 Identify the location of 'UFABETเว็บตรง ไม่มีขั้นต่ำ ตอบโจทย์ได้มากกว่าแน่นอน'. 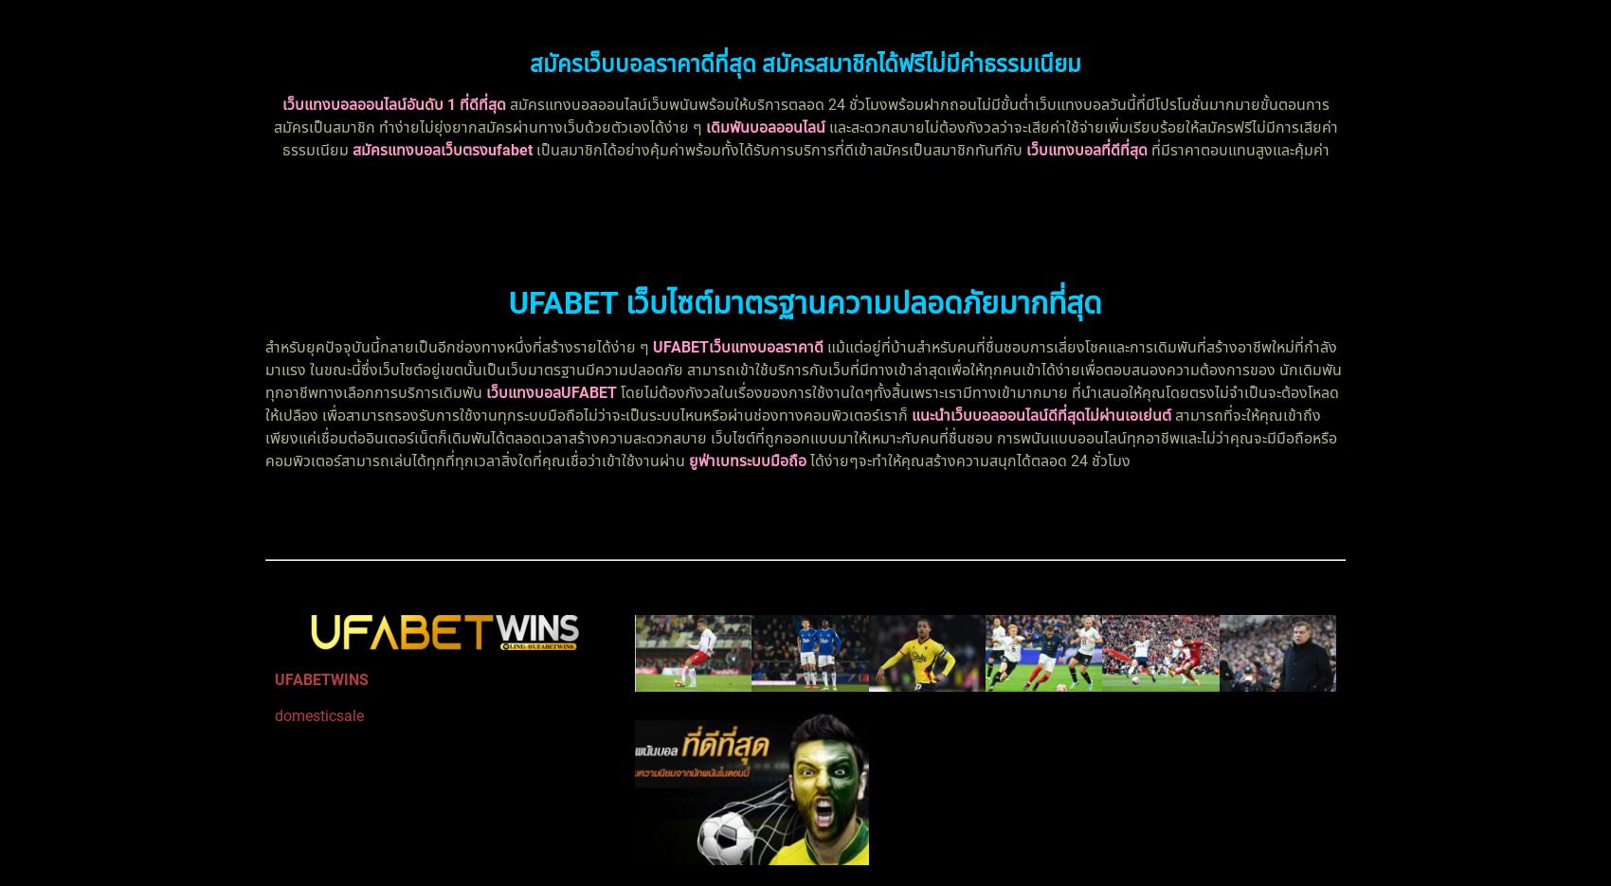
(1159, 651).